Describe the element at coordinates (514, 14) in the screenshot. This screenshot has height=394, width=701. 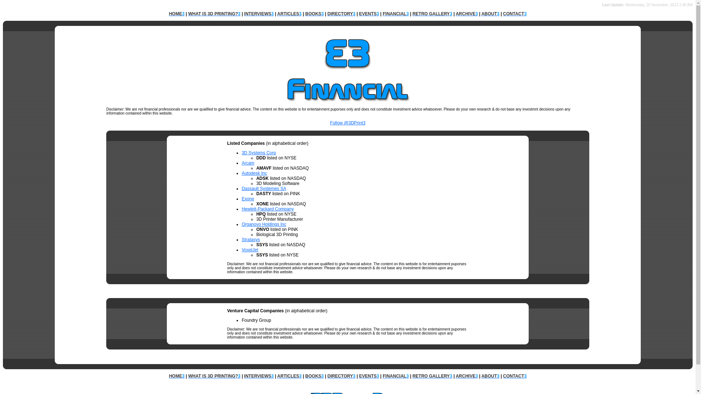
I see `'CONTACT3'` at that location.